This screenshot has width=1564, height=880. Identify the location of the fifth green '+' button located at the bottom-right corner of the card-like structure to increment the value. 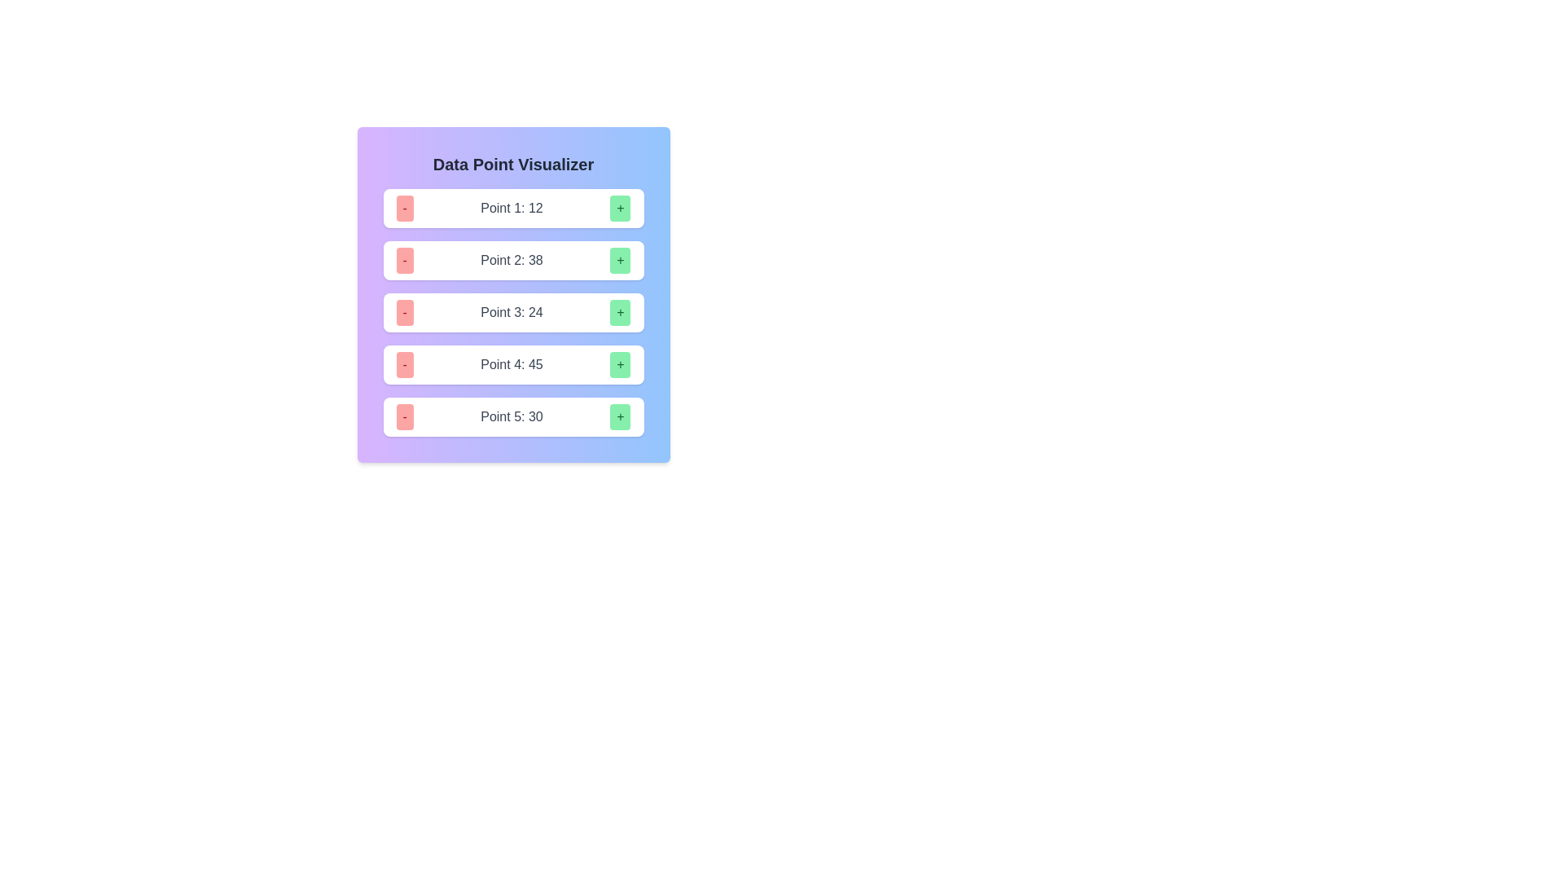
(619, 416).